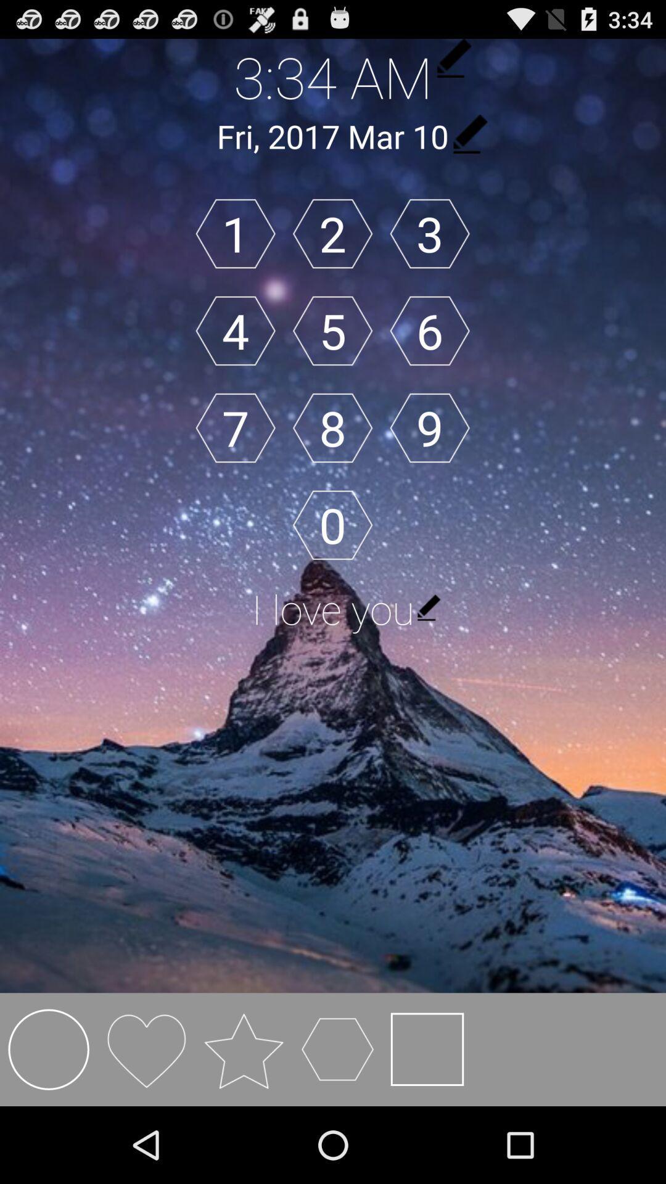 This screenshot has width=666, height=1184. Describe the element at coordinates (332, 331) in the screenshot. I see `the 5 icon` at that location.